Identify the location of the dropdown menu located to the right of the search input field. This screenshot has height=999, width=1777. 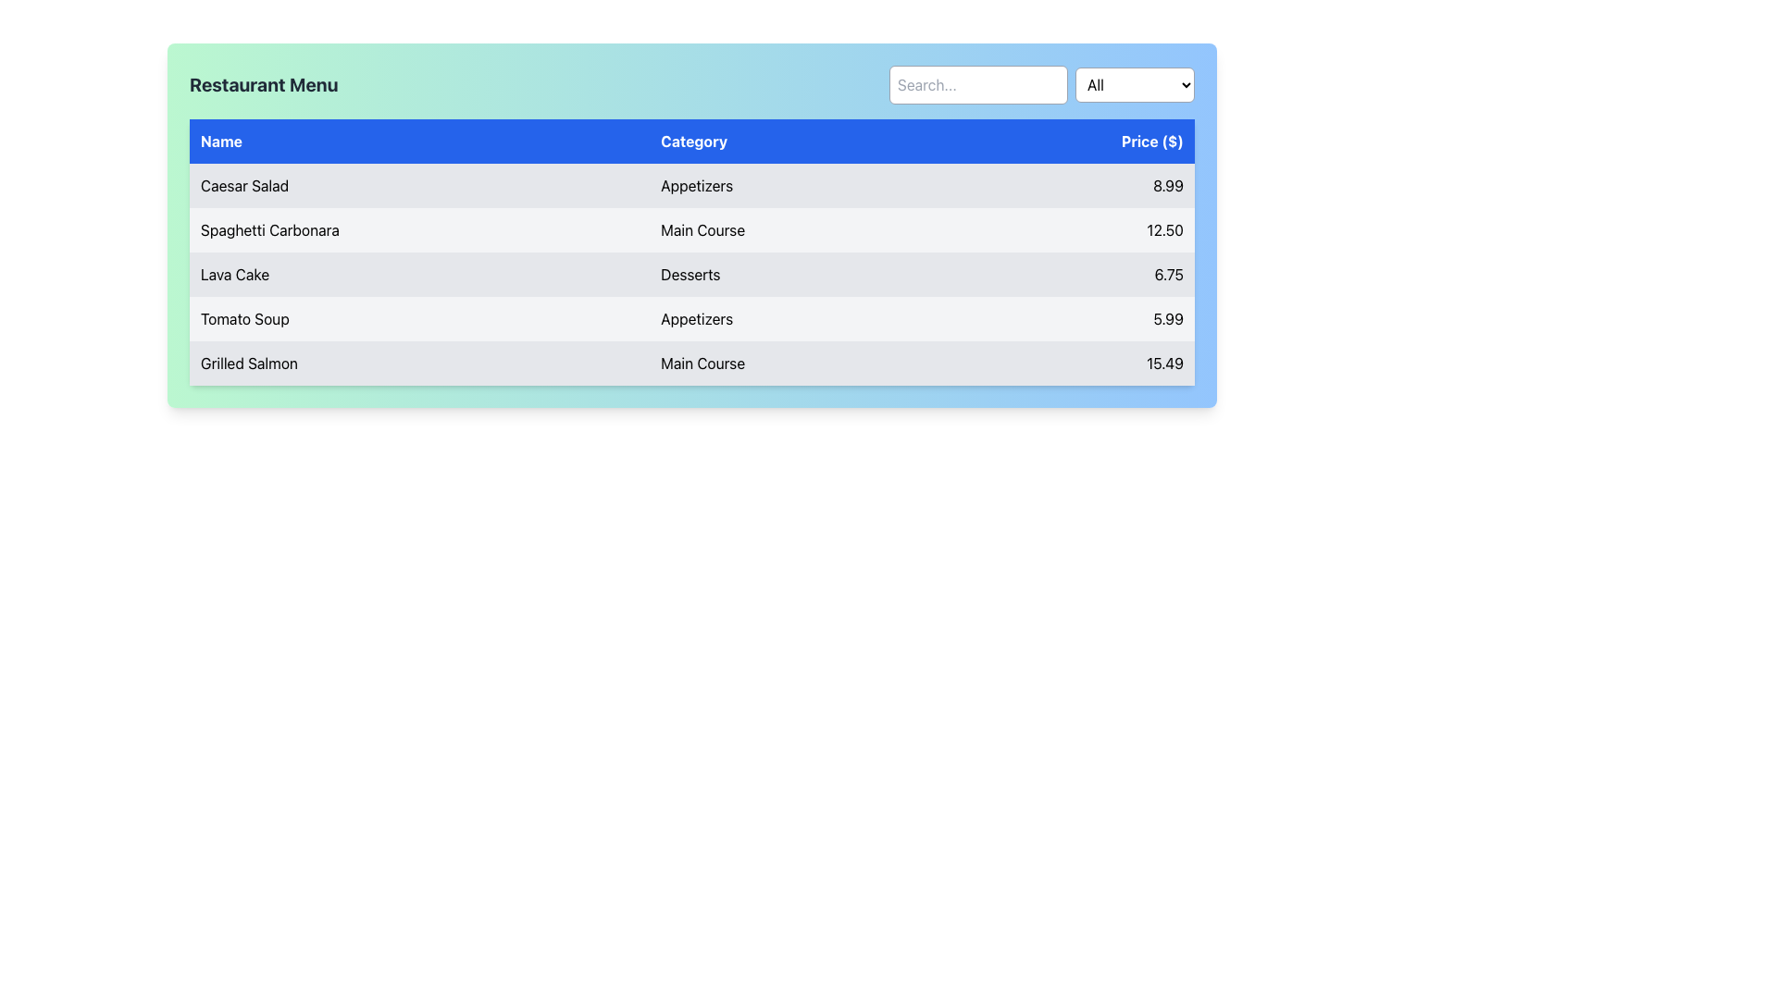
(1134, 85).